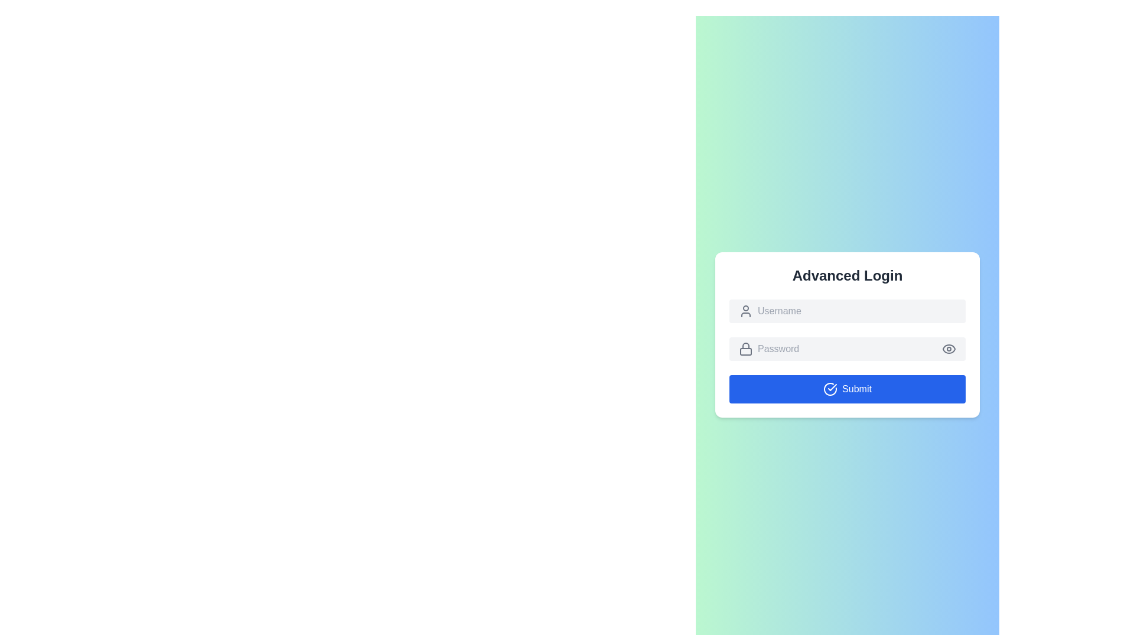  What do you see at coordinates (847, 275) in the screenshot?
I see `the 'Advanced Login' text label, which is a prominent bold and large font element located at the top of the login interface above the username input field` at bounding box center [847, 275].